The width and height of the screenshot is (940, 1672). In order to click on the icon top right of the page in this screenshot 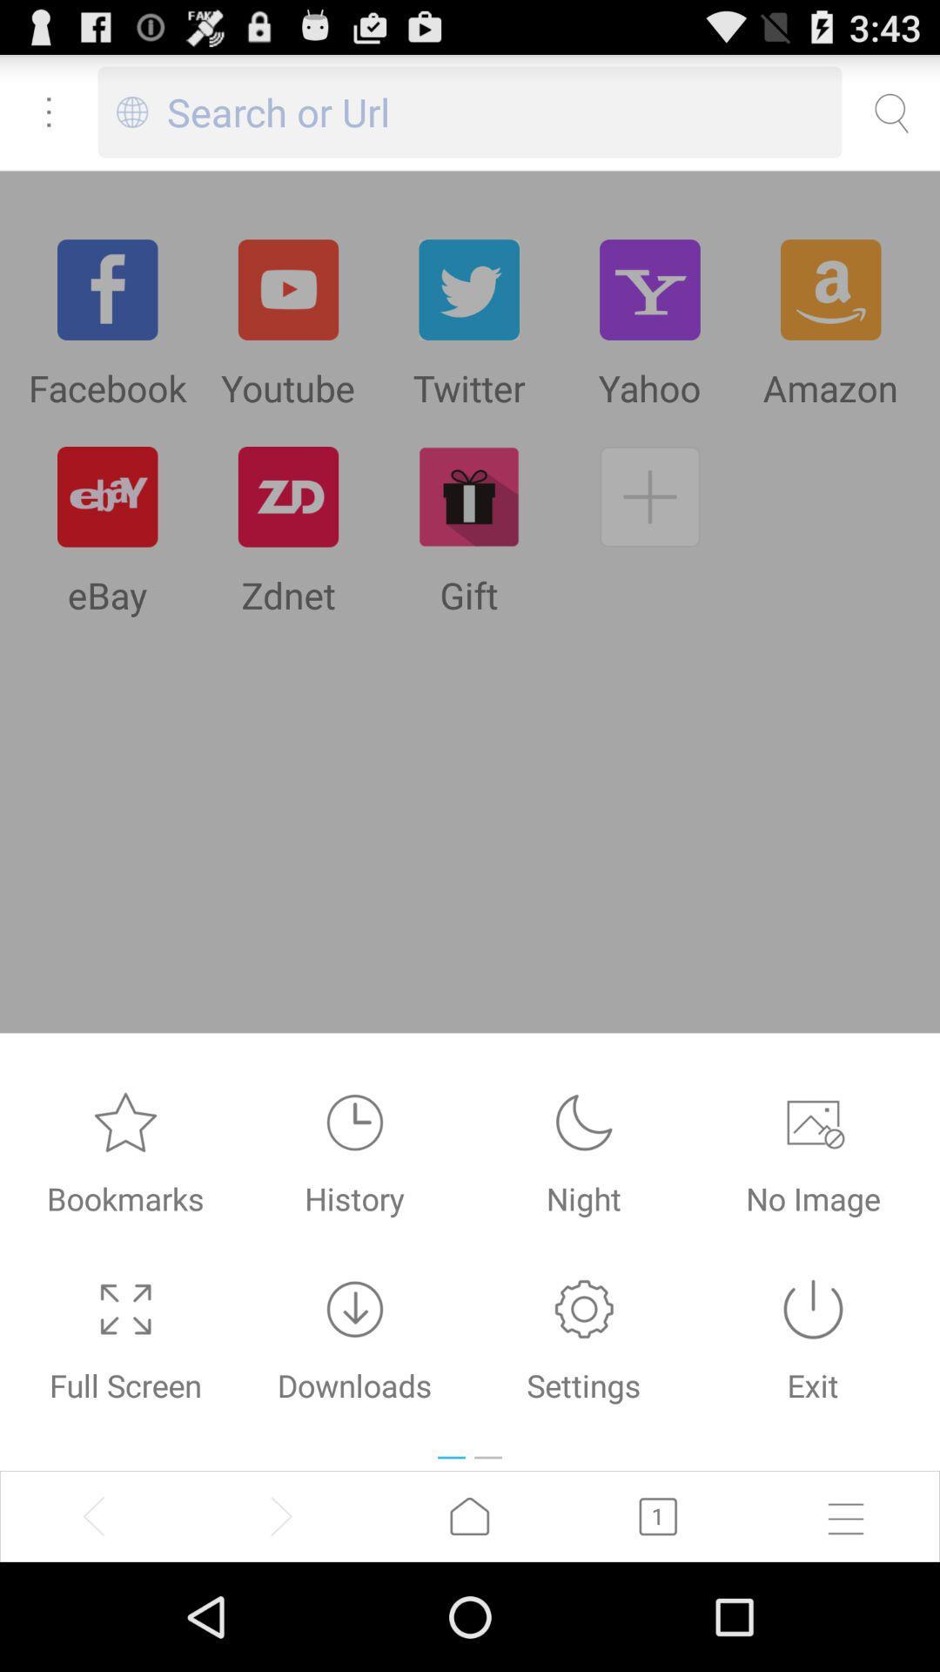, I will do `click(890, 111)`.